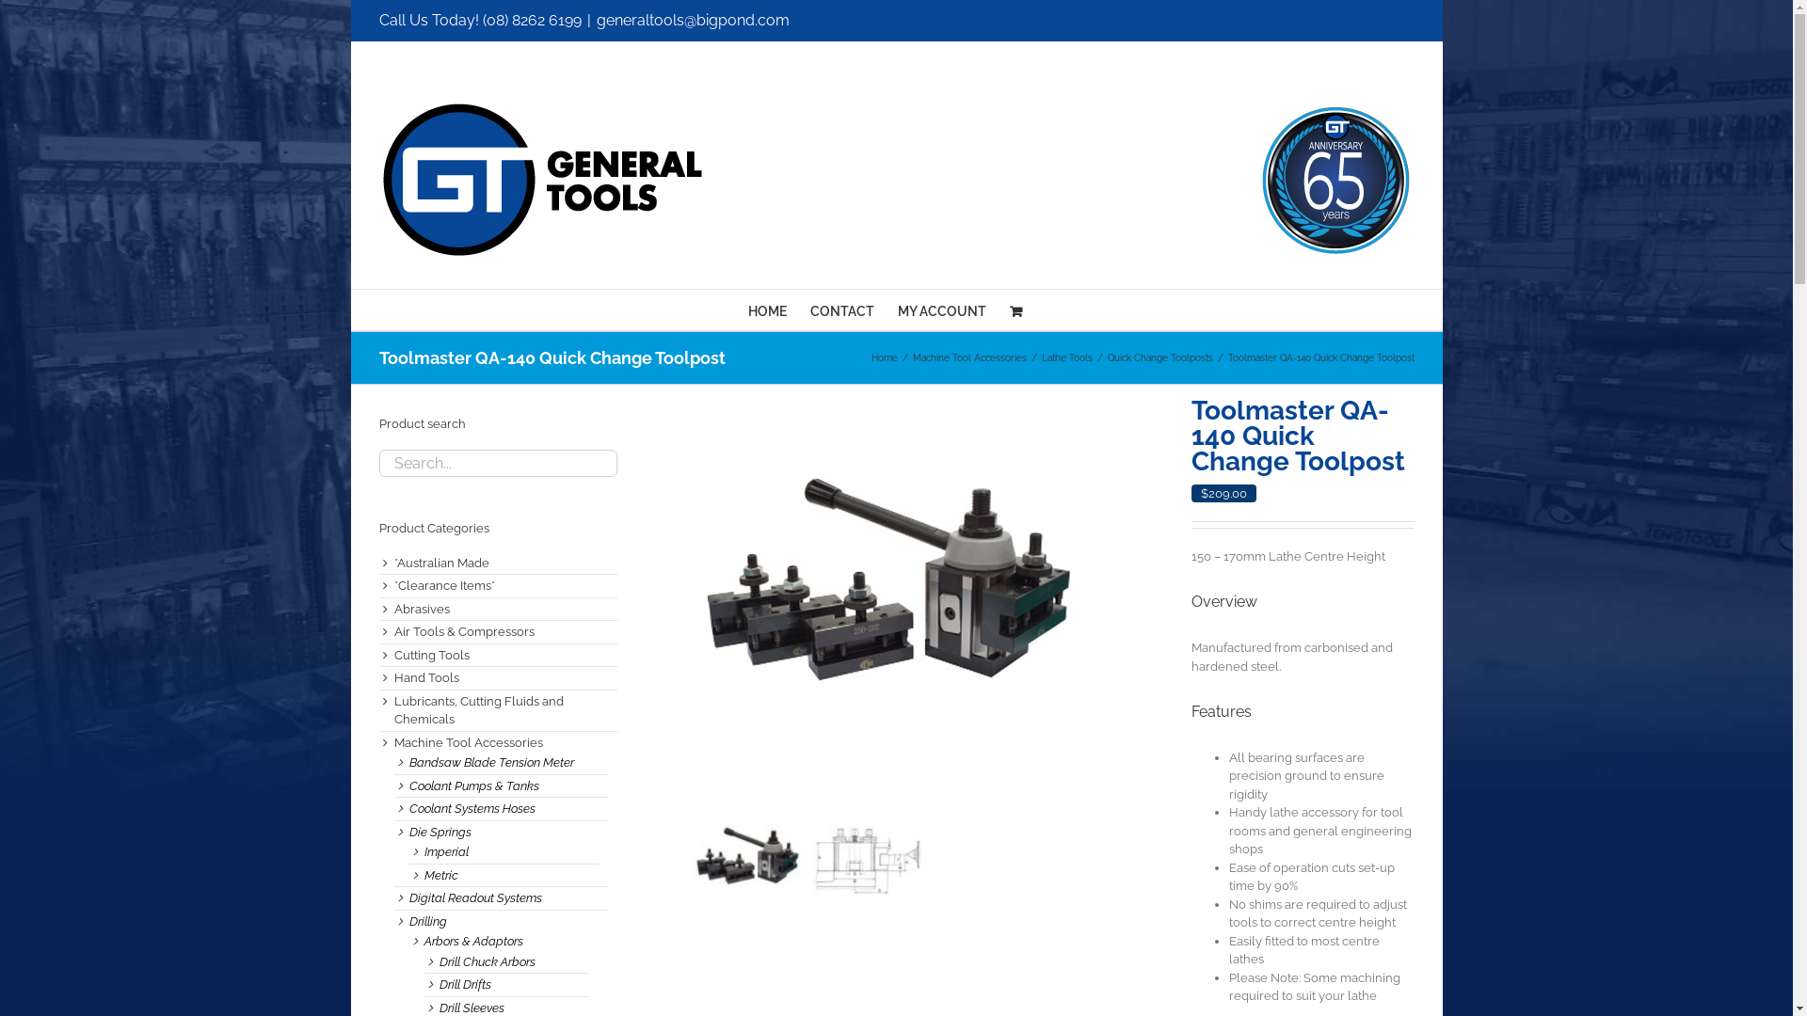 The width and height of the screenshot is (1807, 1016). Describe the element at coordinates (464, 983) in the screenshot. I see `'Drill Drifts'` at that location.